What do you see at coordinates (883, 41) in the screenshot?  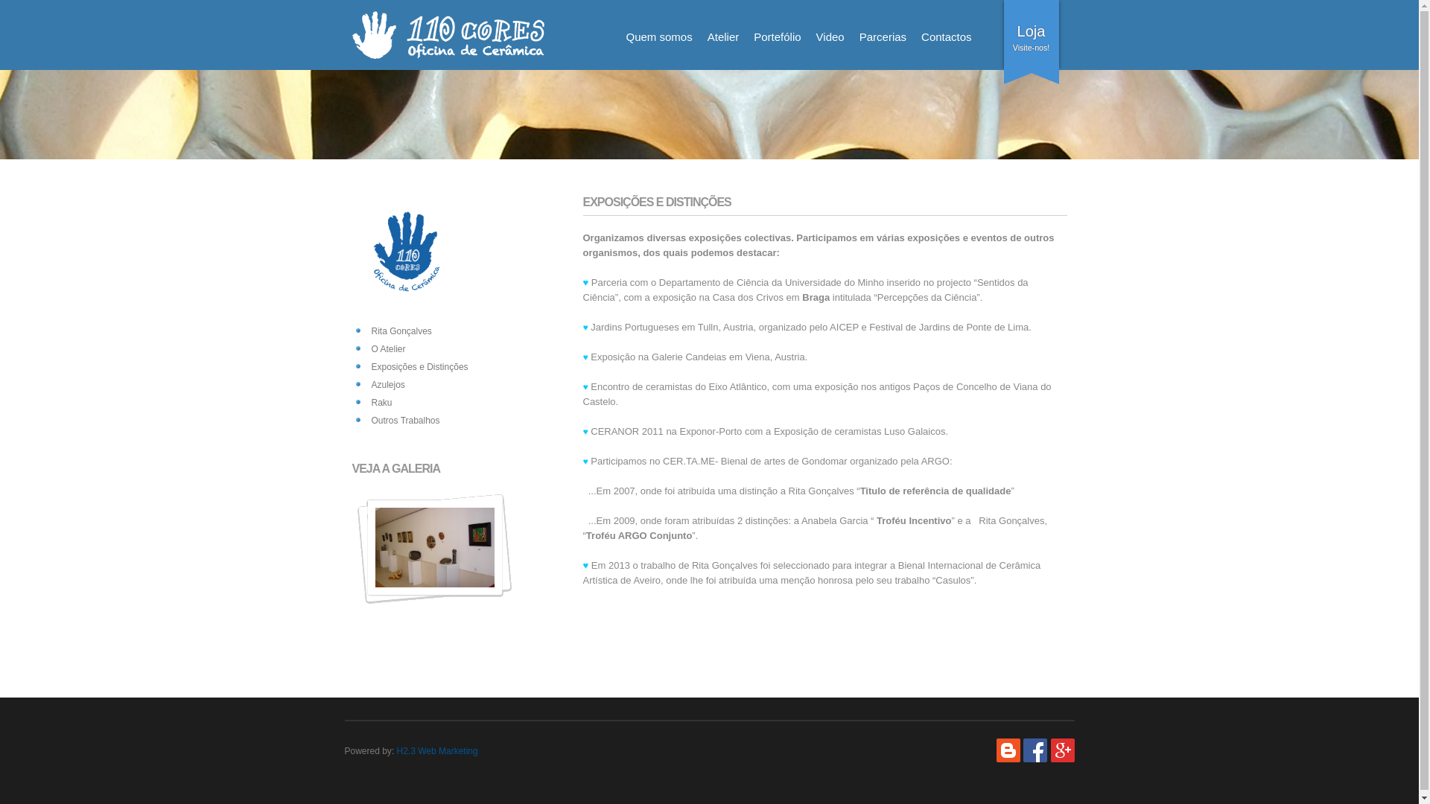 I see `'Parcerias'` at bounding box center [883, 41].